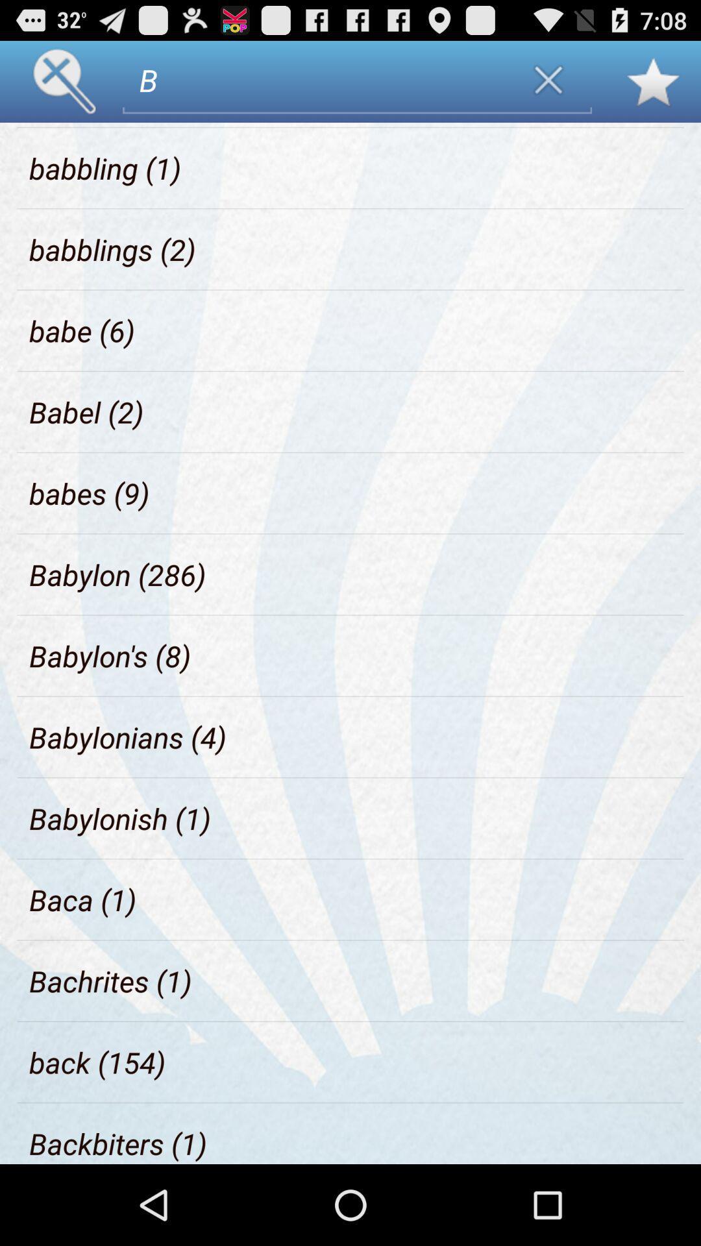 This screenshot has height=1246, width=701. Describe the element at coordinates (112, 249) in the screenshot. I see `the item above babe (6)` at that location.